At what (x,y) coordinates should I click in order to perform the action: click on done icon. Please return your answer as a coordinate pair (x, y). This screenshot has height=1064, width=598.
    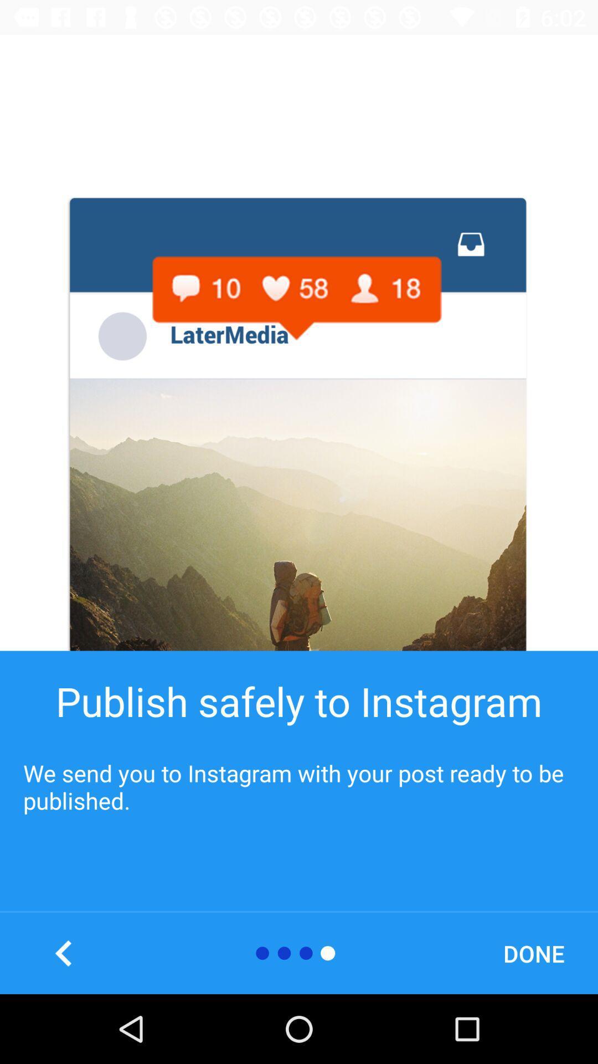
    Looking at the image, I should click on (533, 953).